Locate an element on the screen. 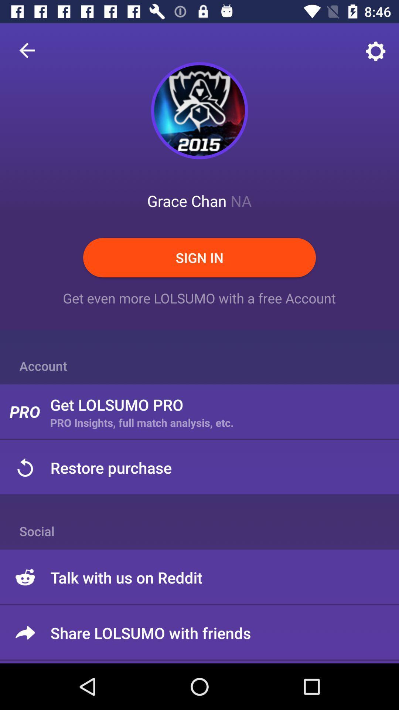 This screenshot has width=399, height=710. the icon above account is located at coordinates (27, 50).